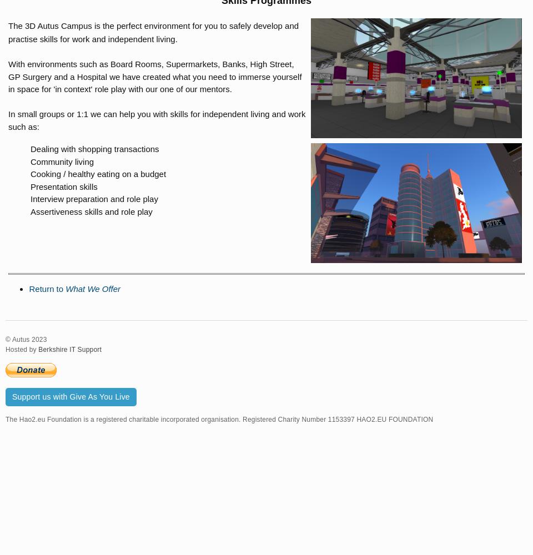  Describe the element at coordinates (153, 32) in the screenshot. I see `'The 3D Autus Campus is the perfect environment for you to safely develop and practise skills for work and independent living.'` at that location.